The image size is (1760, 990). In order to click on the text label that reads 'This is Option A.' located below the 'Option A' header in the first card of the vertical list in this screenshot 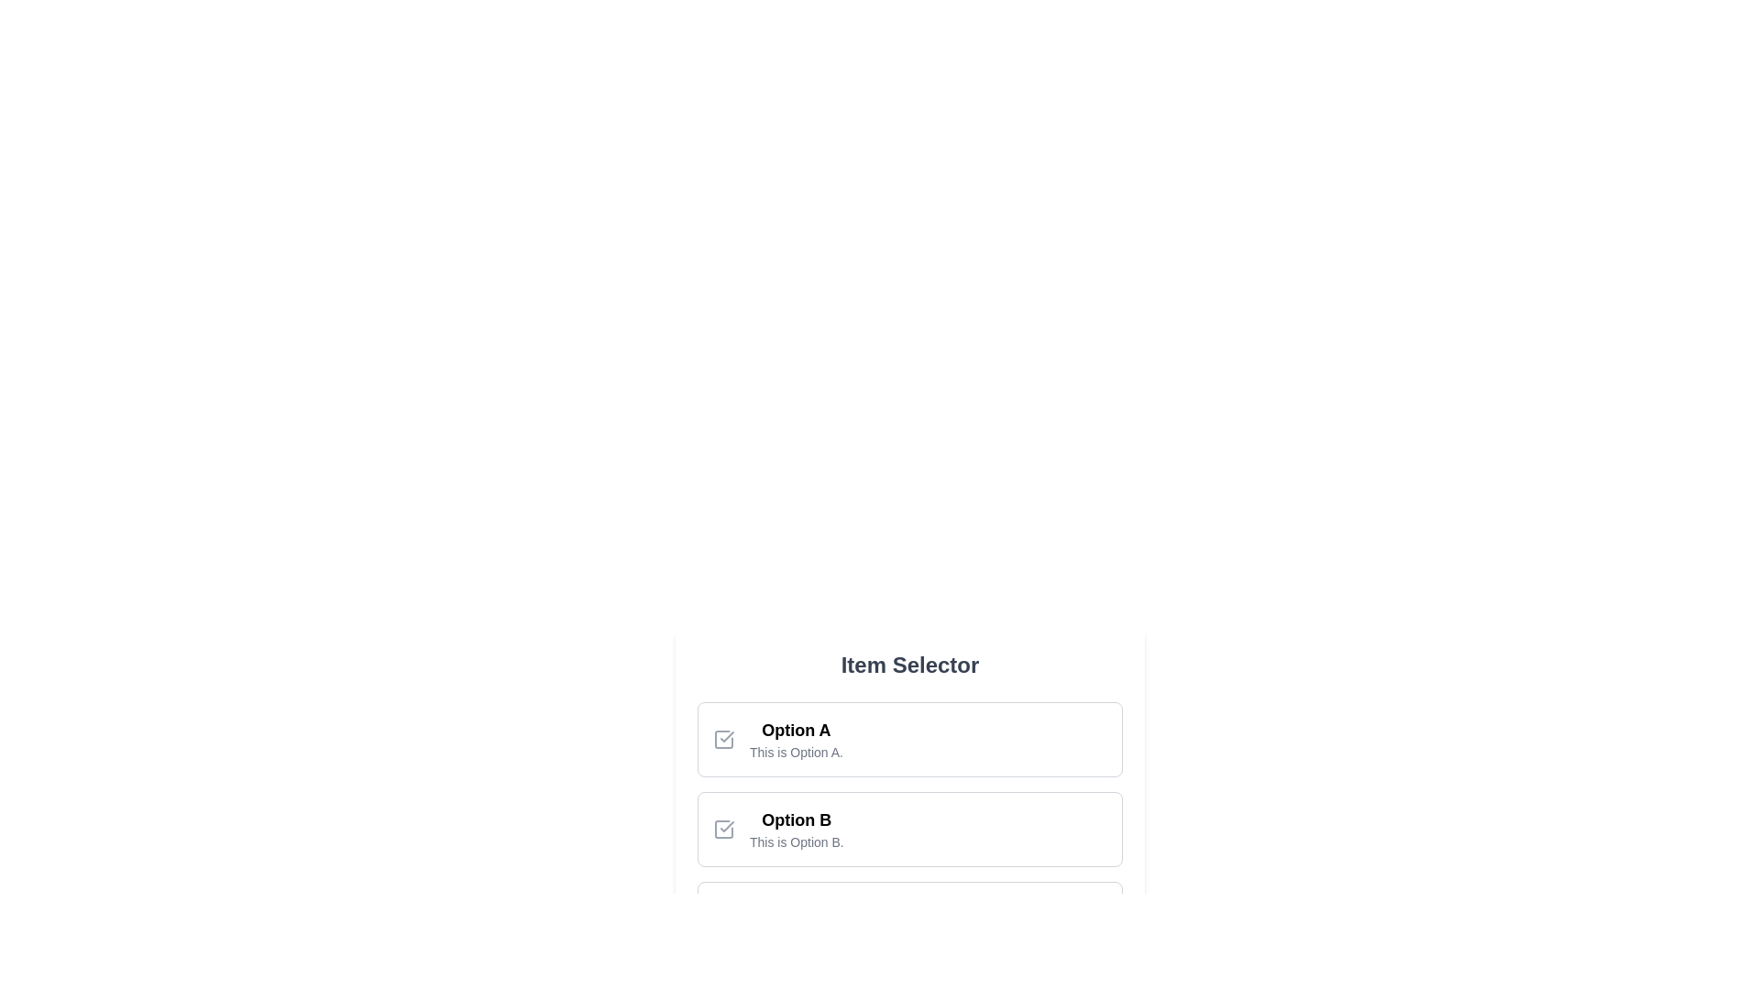, I will do `click(796, 753)`.